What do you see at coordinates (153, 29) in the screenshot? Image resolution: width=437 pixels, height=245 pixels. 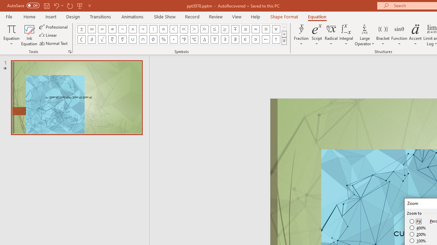 I see `'Equation Symbol Factorial'` at bounding box center [153, 29].